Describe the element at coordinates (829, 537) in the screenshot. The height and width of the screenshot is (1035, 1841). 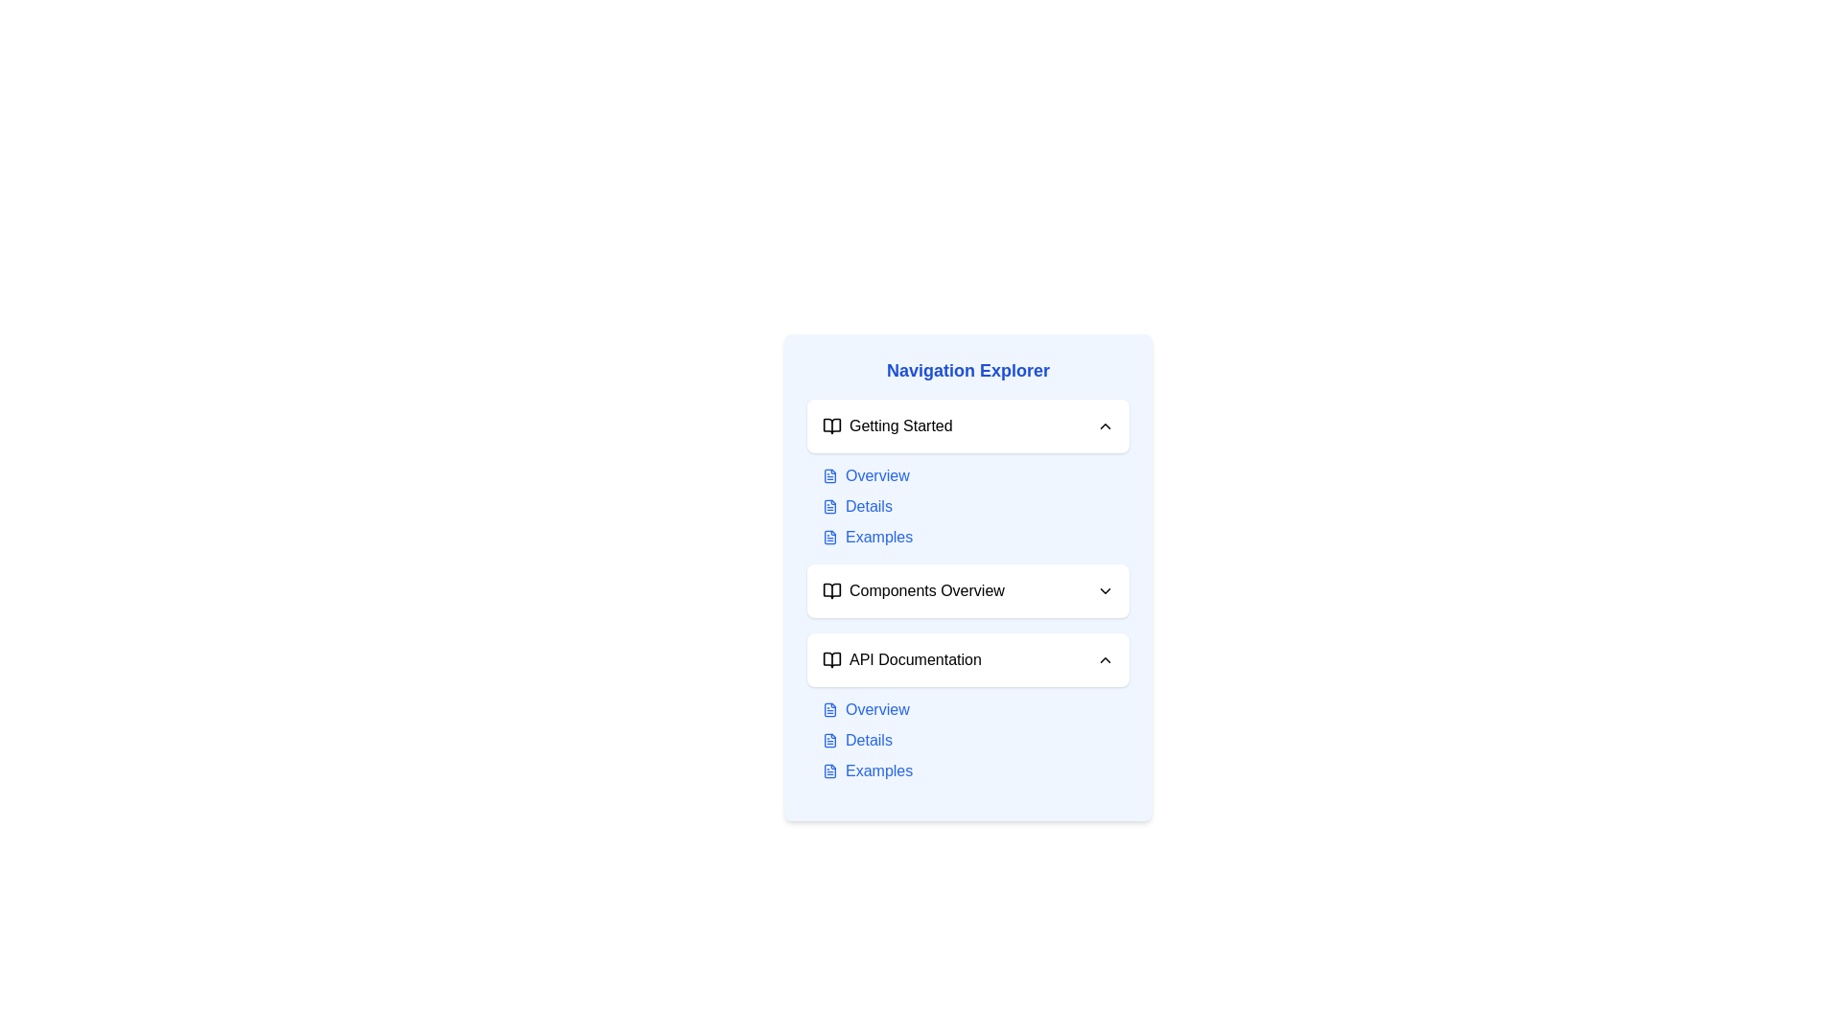
I see `the 'Examples' icon in the navigation menu` at that location.